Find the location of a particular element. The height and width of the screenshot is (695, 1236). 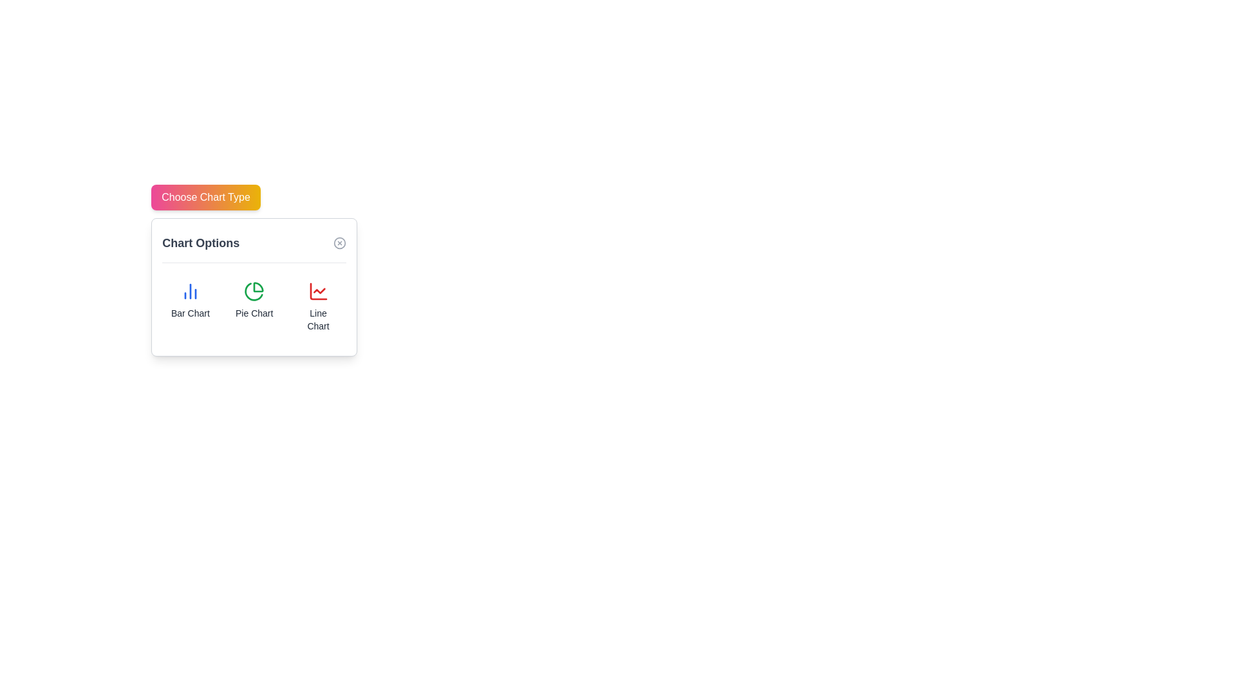

the 'Bar Chart' text label, which is a small gray font label located beneath the bar chart icon in a grid of chart options is located at coordinates (189, 313).